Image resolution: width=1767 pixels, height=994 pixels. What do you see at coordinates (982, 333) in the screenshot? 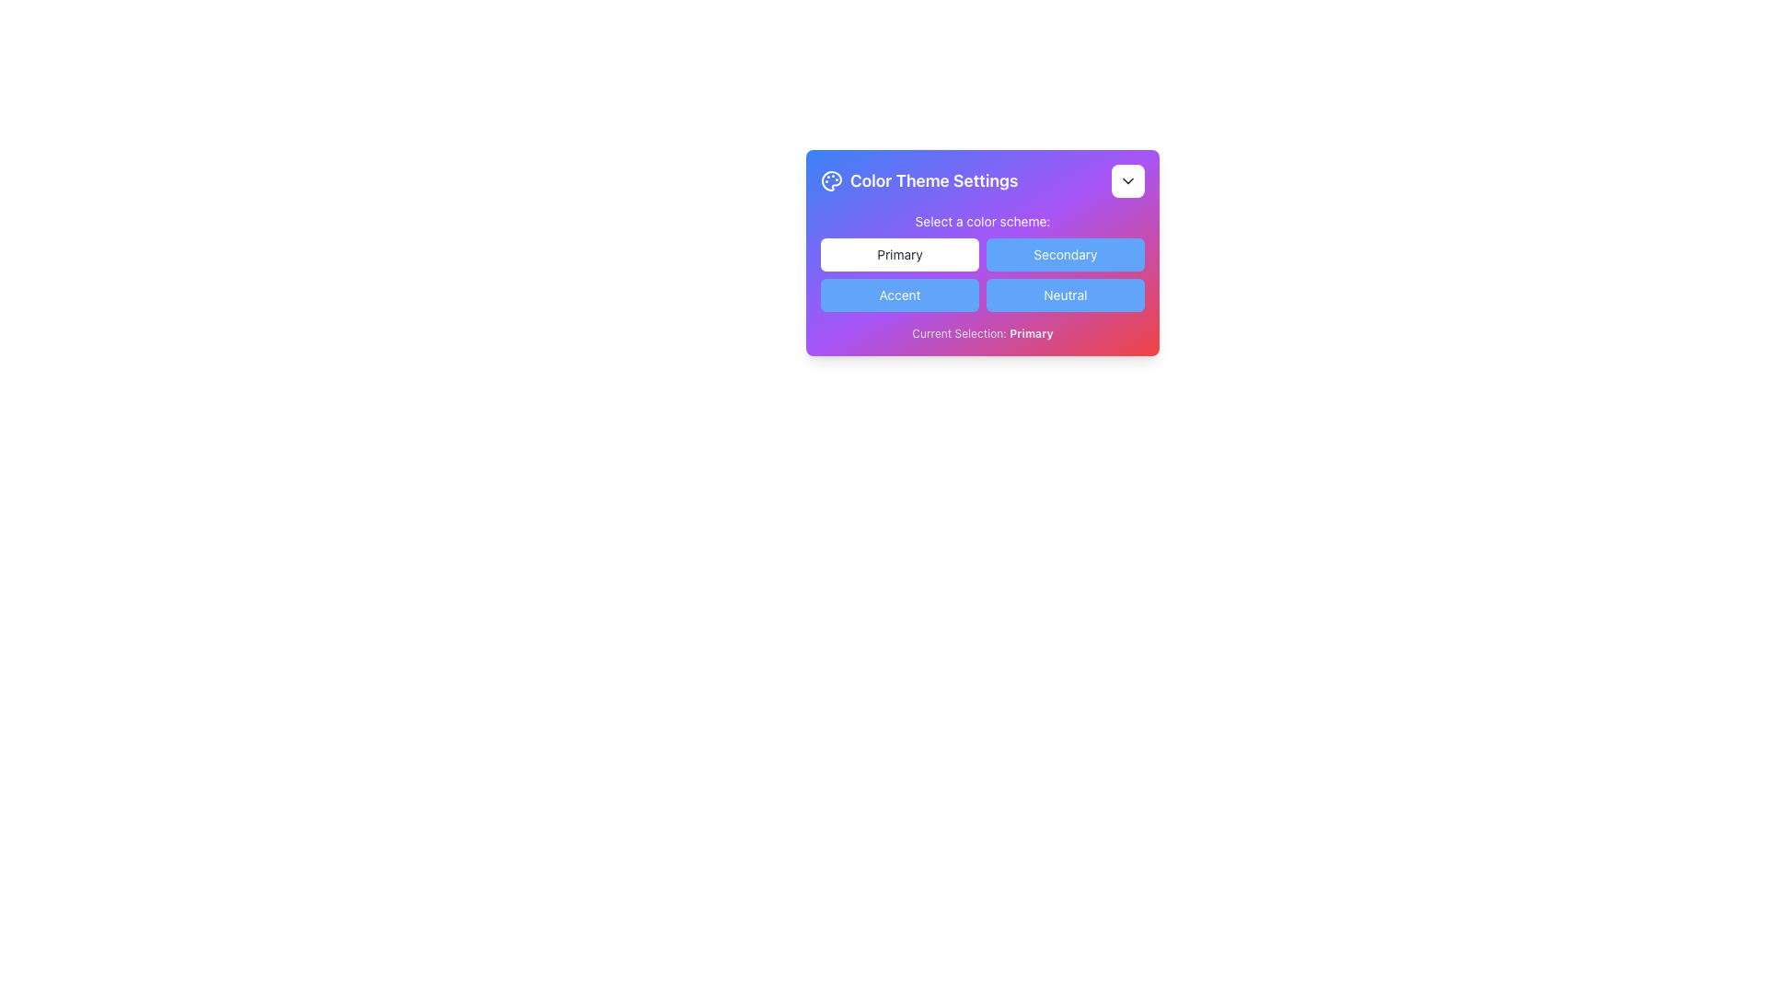
I see `the text label displaying 'Current Selection: Primary' located at the bottom of the dialog box` at bounding box center [982, 333].